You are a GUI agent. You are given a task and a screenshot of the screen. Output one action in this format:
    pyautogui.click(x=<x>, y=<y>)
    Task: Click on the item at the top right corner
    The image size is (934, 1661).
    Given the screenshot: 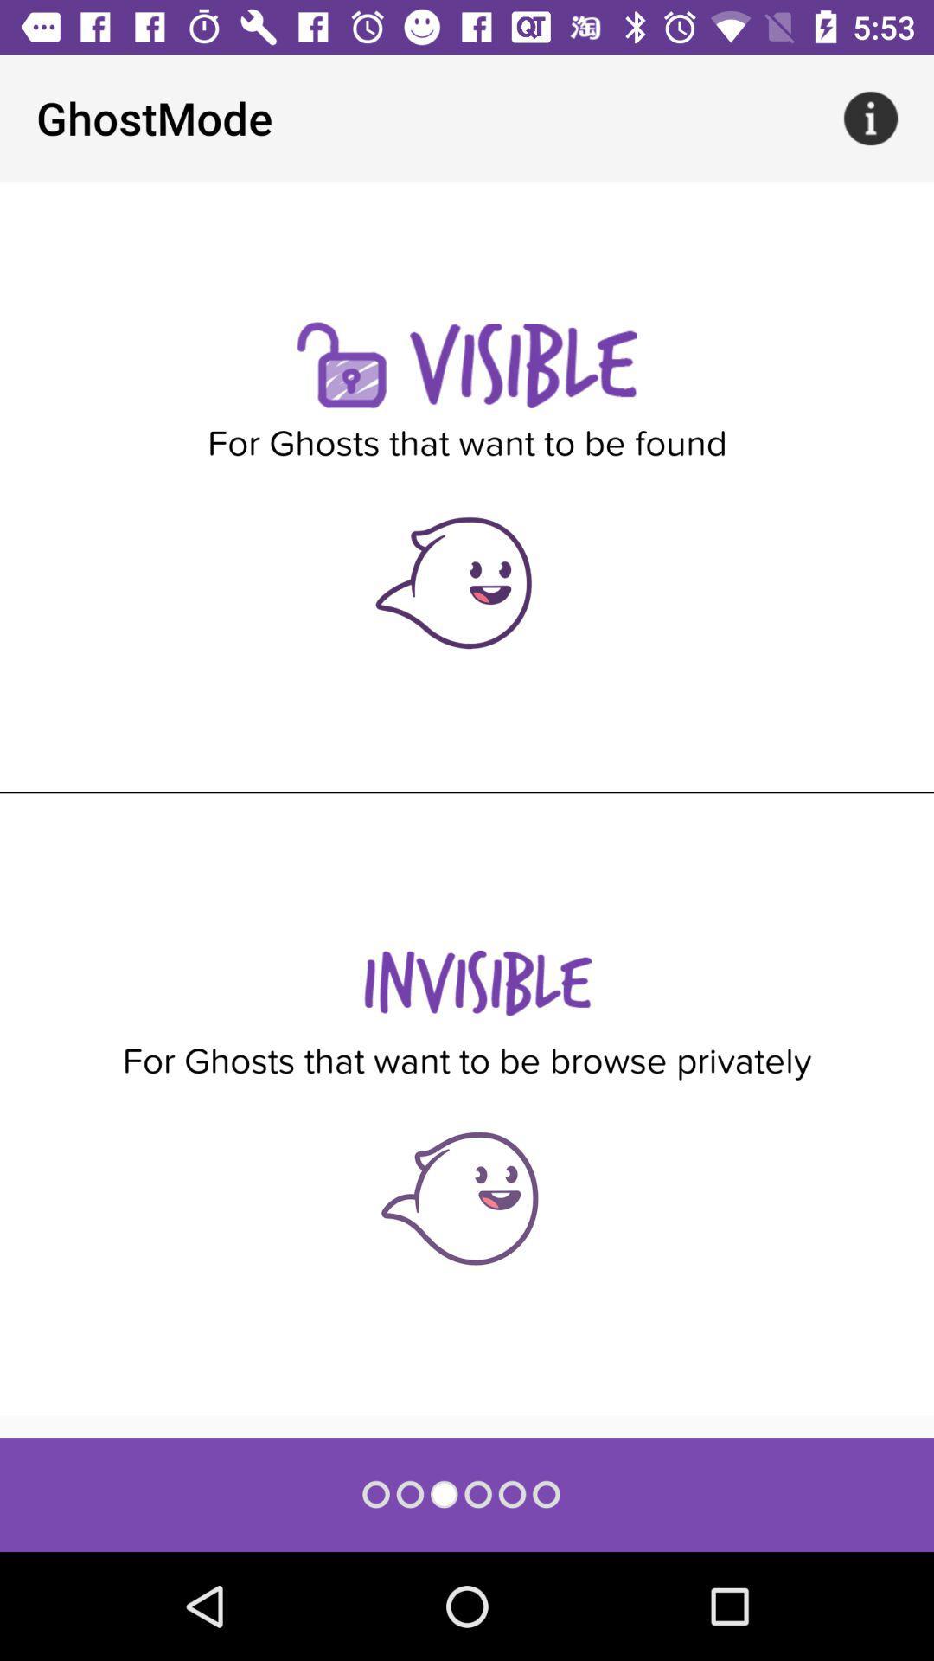 What is the action you would take?
    pyautogui.click(x=870, y=117)
    